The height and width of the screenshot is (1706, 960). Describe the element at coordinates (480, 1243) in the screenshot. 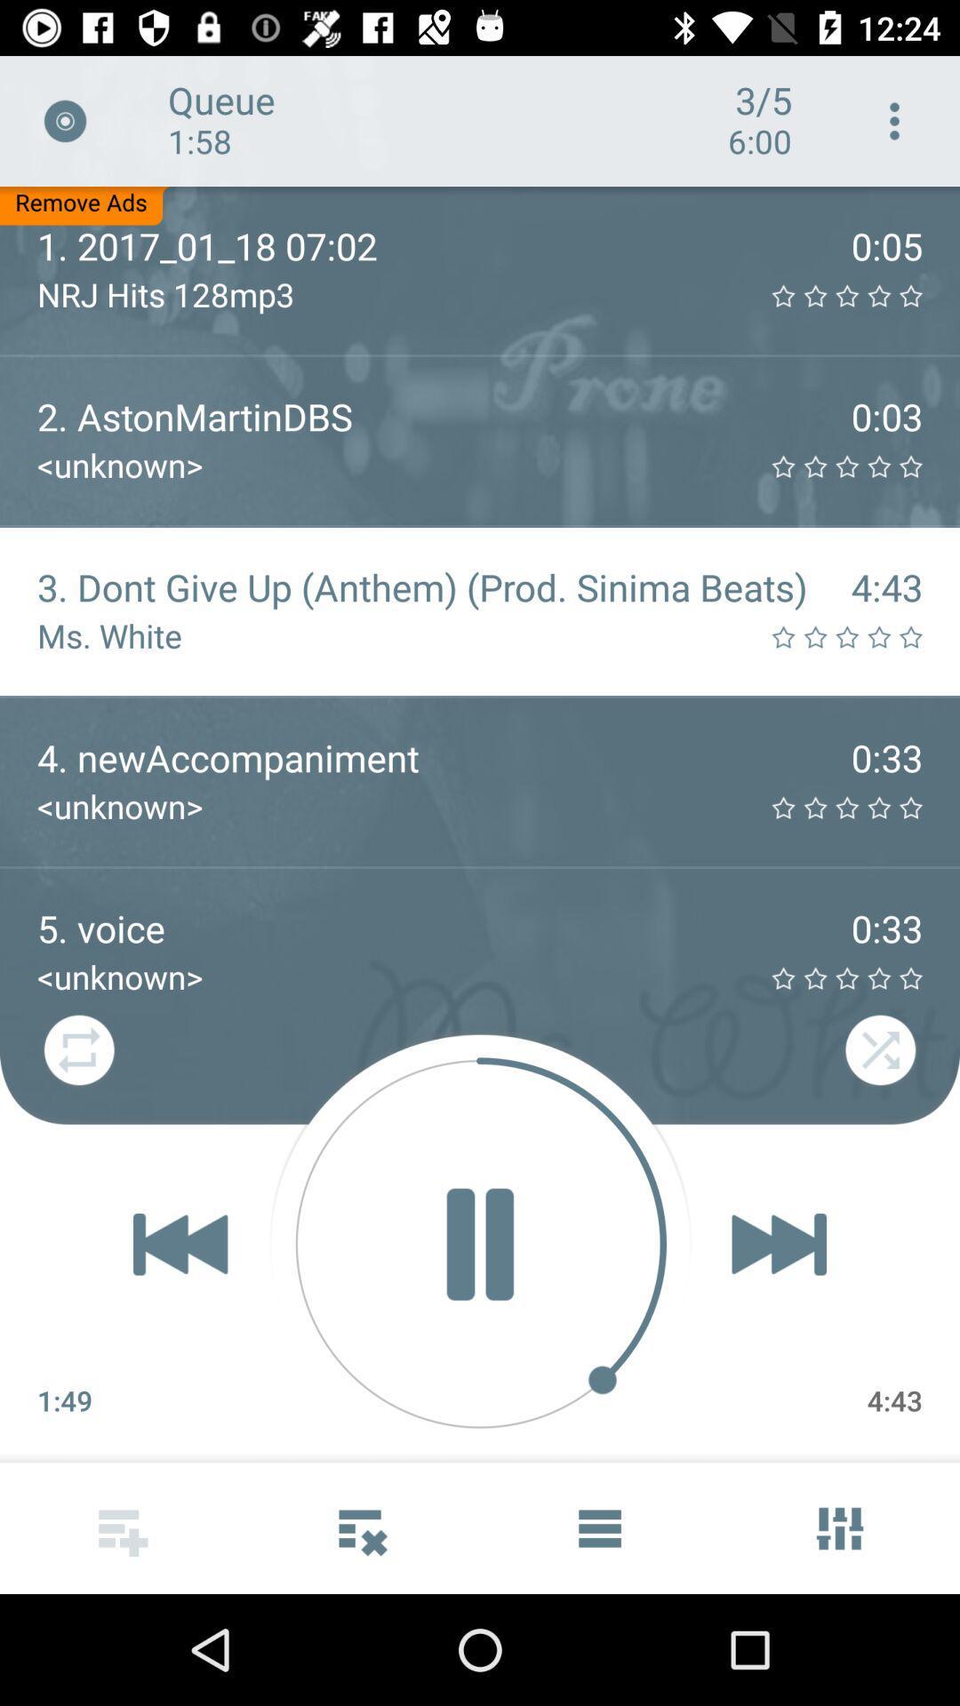

I see `the item below the <unknown> item` at that location.